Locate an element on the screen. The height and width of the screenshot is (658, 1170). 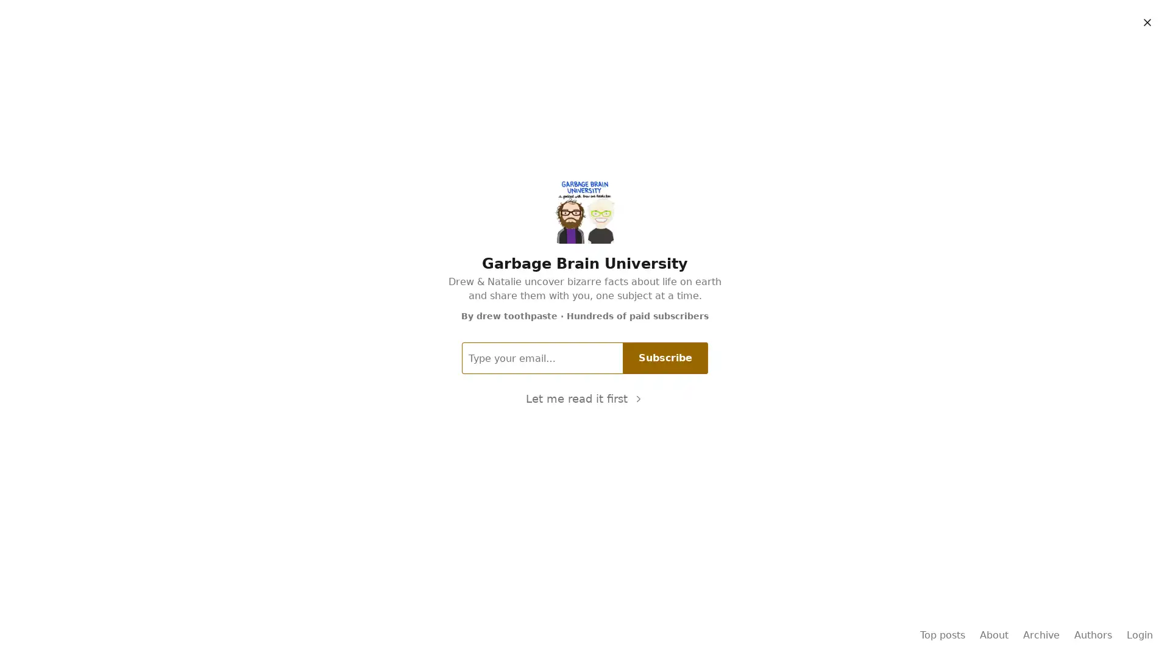
Archive is located at coordinates (586, 53).